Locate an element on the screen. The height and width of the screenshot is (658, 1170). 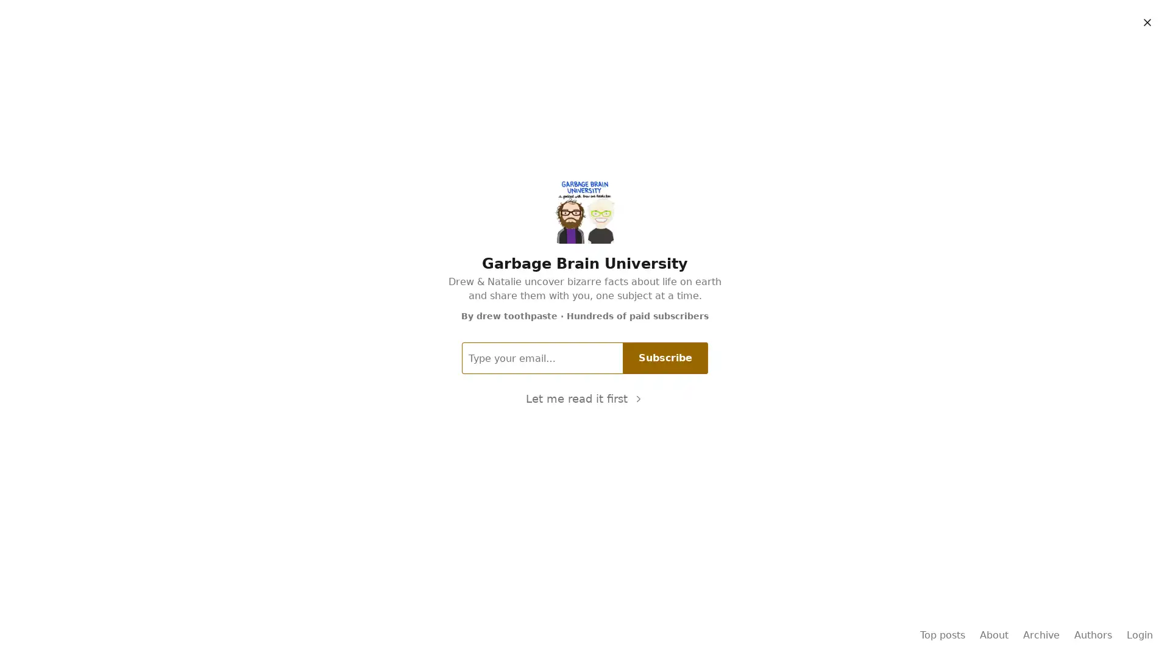
Archive is located at coordinates (586, 53).